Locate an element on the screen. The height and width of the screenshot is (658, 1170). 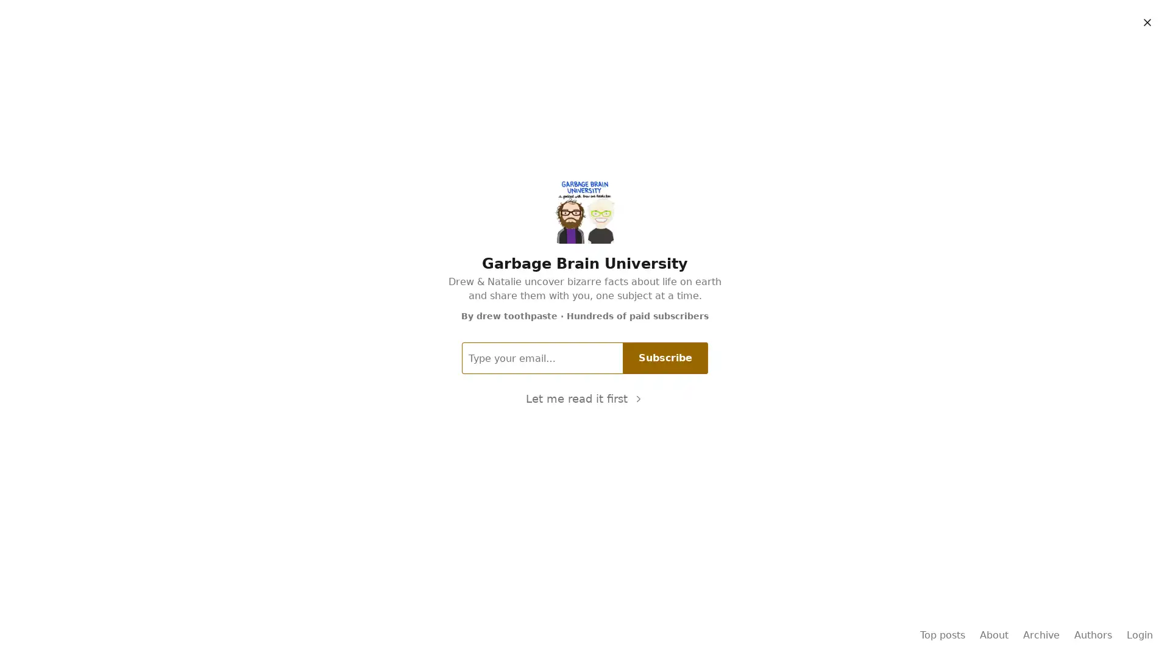
Archive is located at coordinates (586, 53).